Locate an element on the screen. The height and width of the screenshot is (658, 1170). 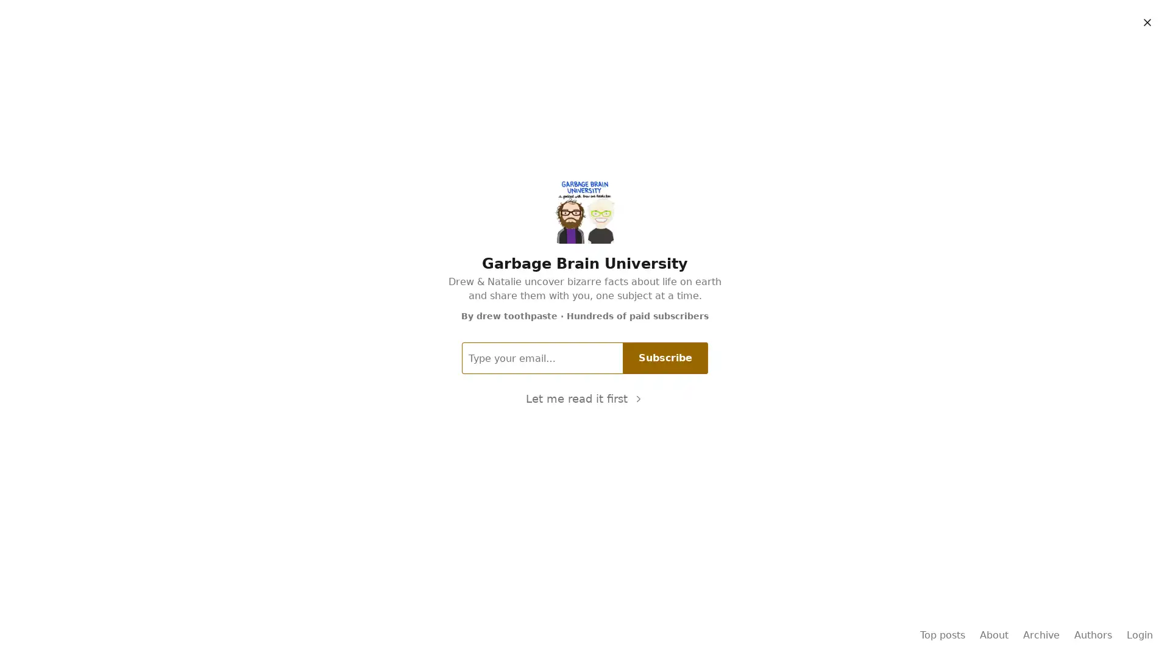
Archive is located at coordinates (586, 53).